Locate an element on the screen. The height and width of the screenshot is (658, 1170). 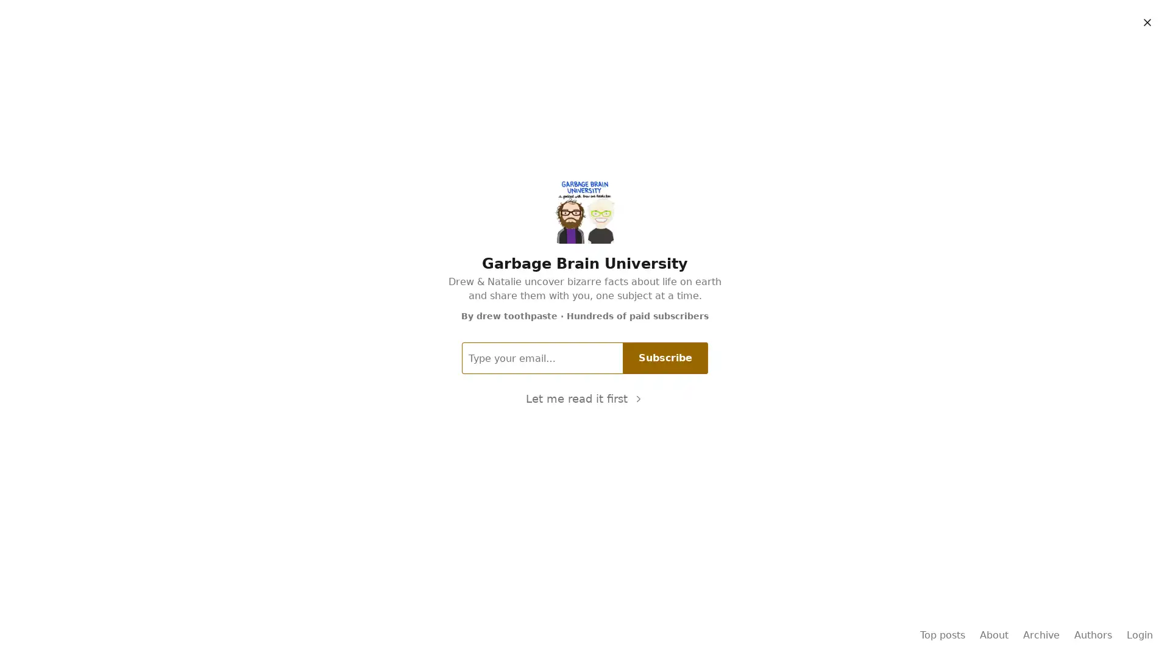
Archive is located at coordinates (586, 53).